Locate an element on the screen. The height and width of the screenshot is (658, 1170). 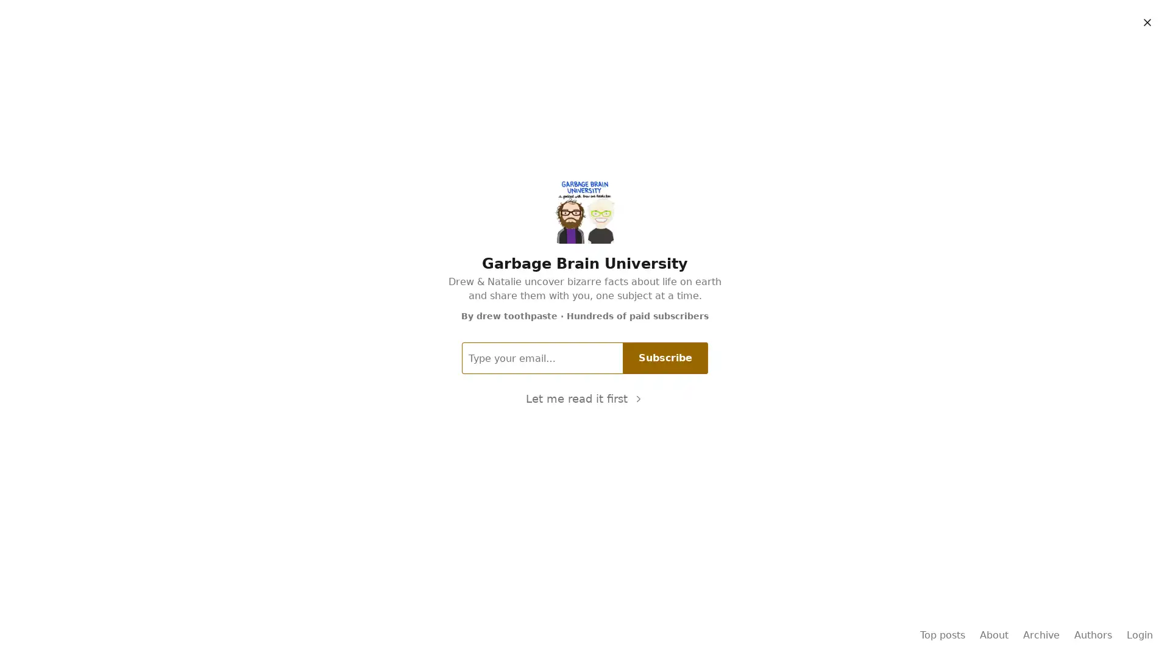
Archive is located at coordinates (586, 53).